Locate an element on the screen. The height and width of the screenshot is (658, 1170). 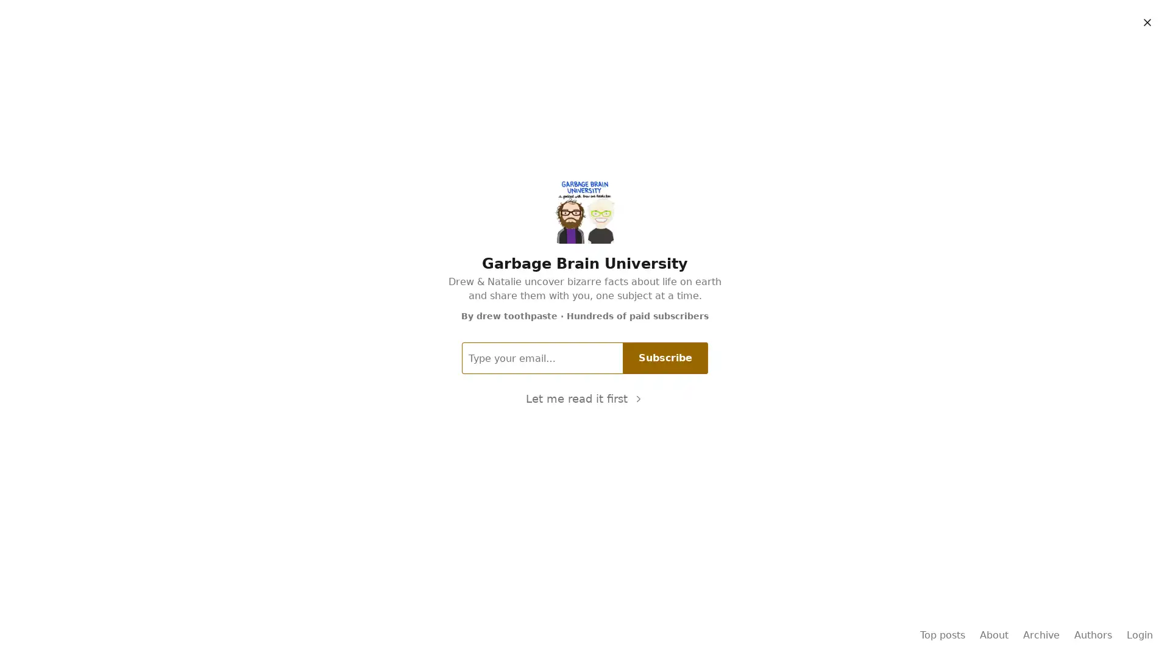
Archive is located at coordinates (586, 53).